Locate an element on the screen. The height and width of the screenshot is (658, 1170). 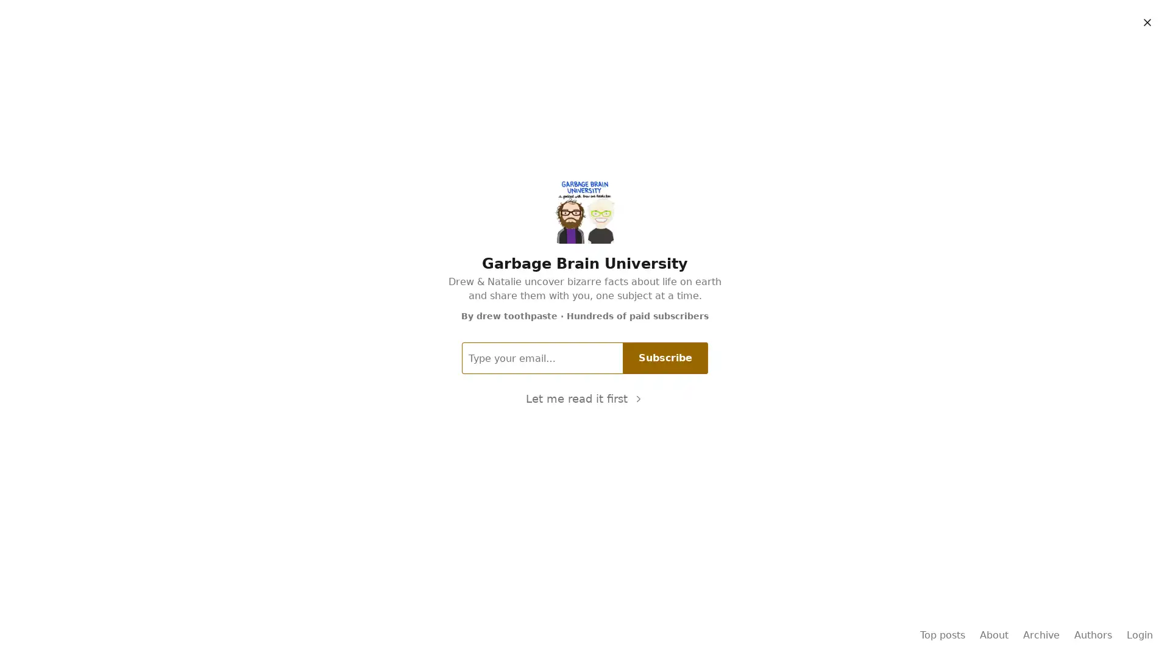
Archive is located at coordinates (586, 53).